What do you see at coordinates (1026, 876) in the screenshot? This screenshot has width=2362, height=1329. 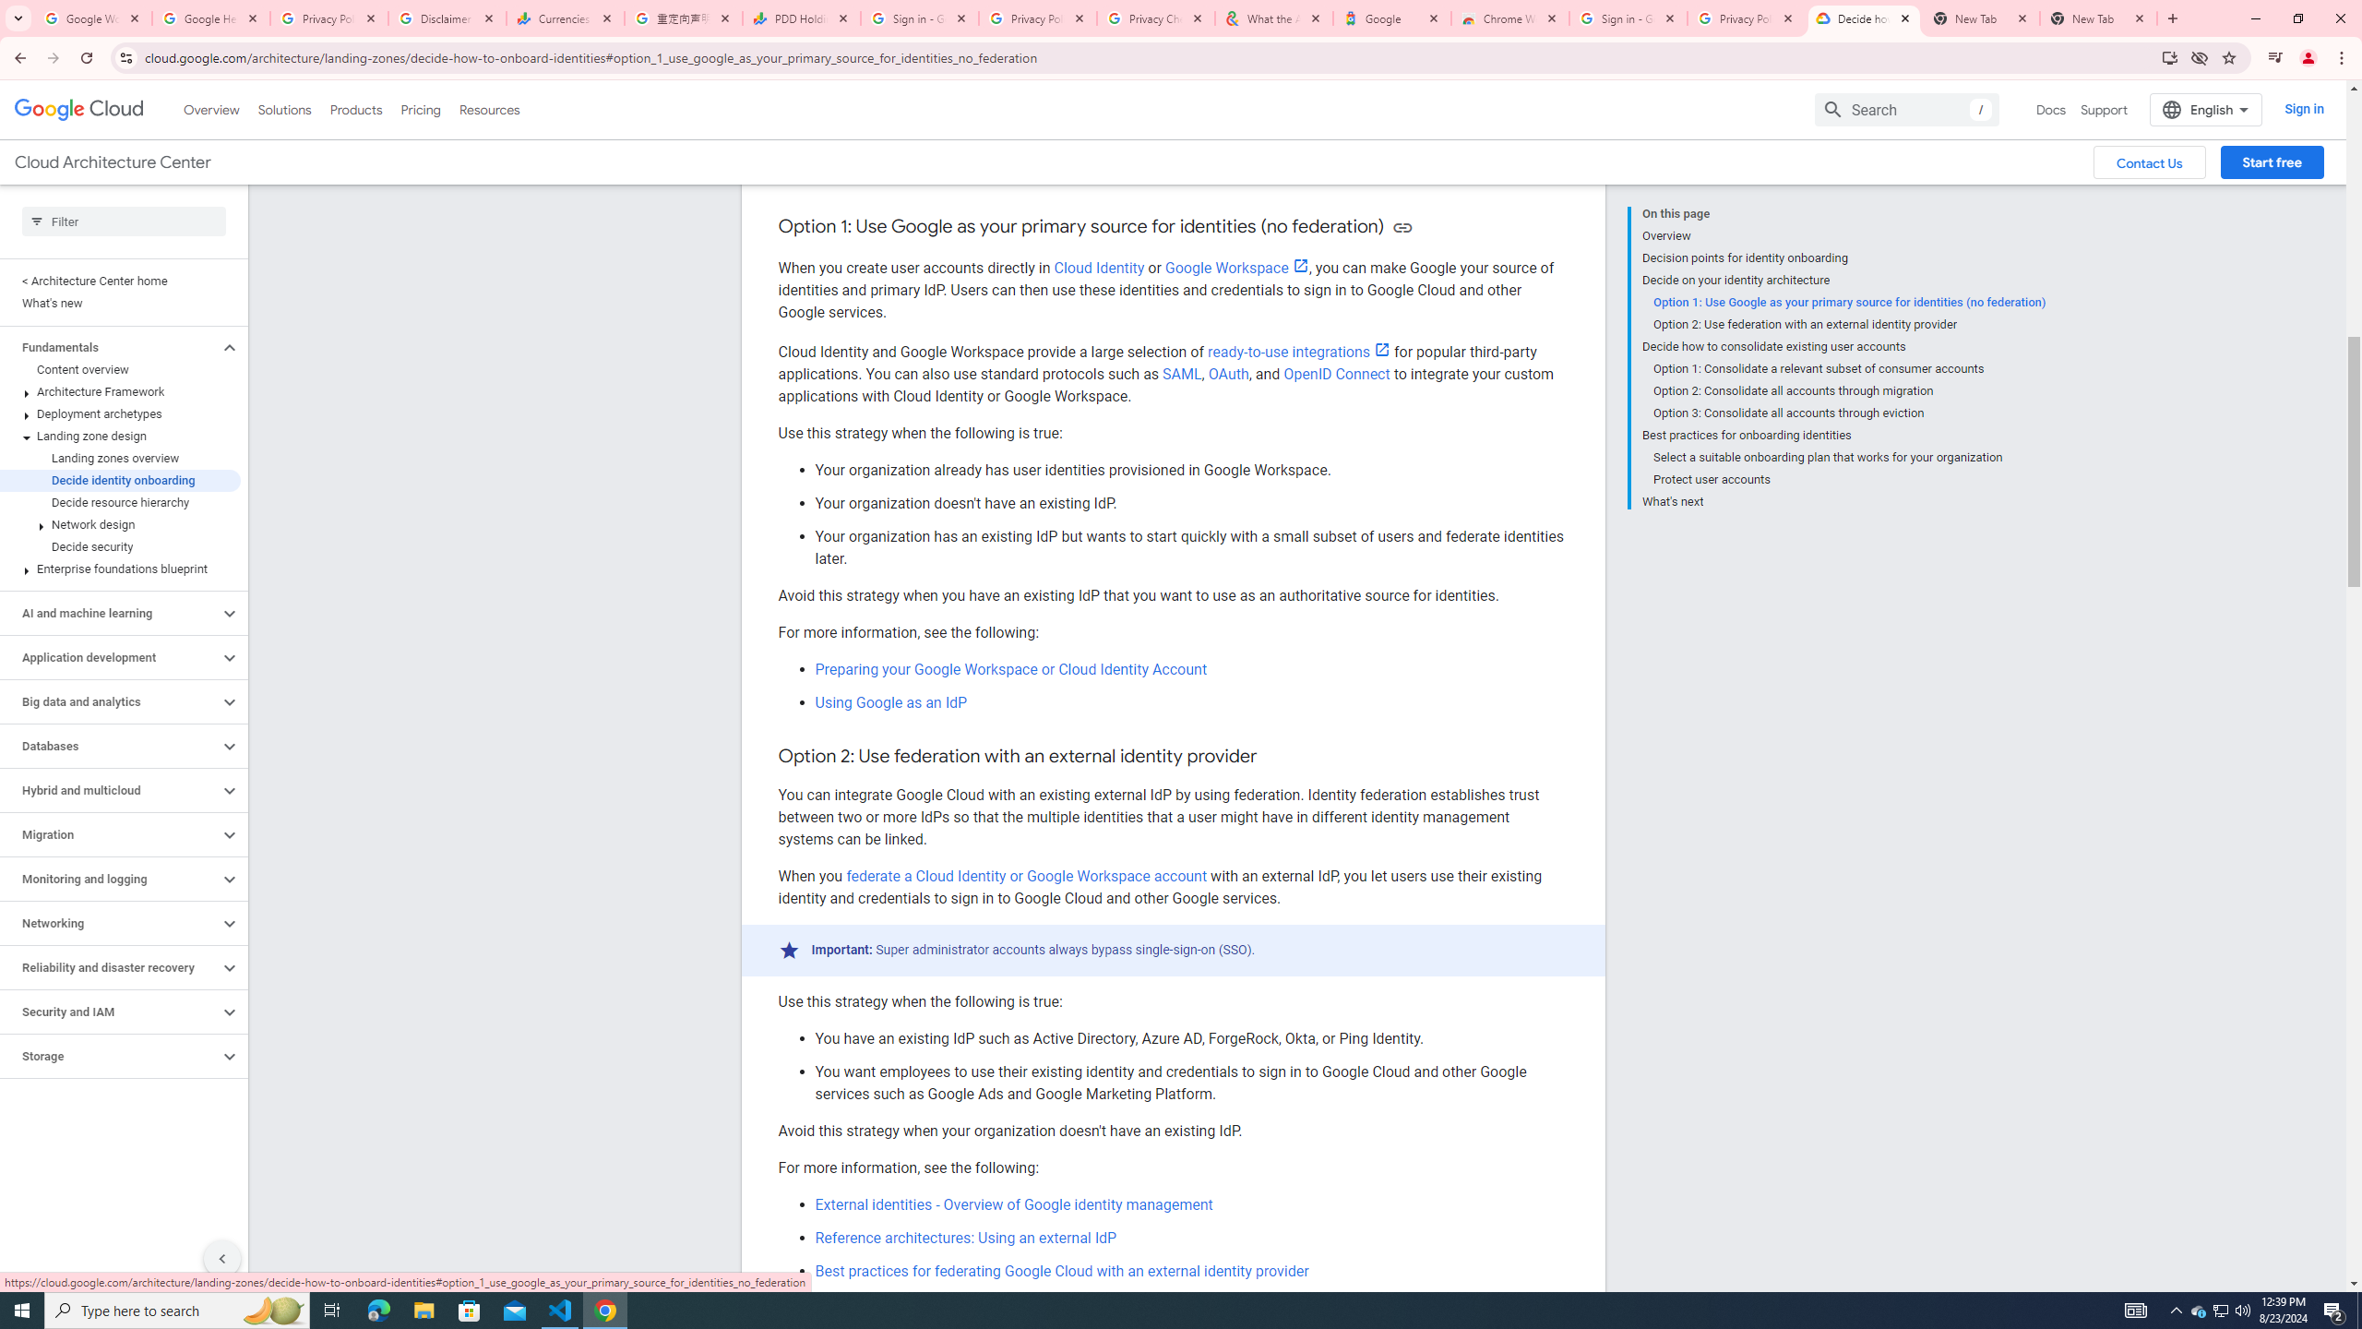 I see `'federate a Cloud Identity or Google Workspace account'` at bounding box center [1026, 876].